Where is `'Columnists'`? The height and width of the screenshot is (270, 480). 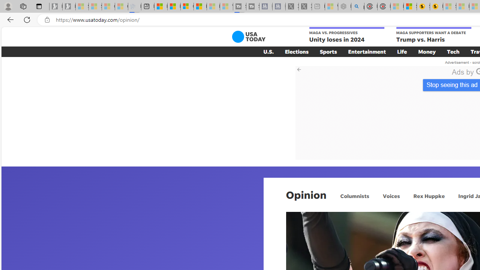 'Columnists' is located at coordinates (354, 195).